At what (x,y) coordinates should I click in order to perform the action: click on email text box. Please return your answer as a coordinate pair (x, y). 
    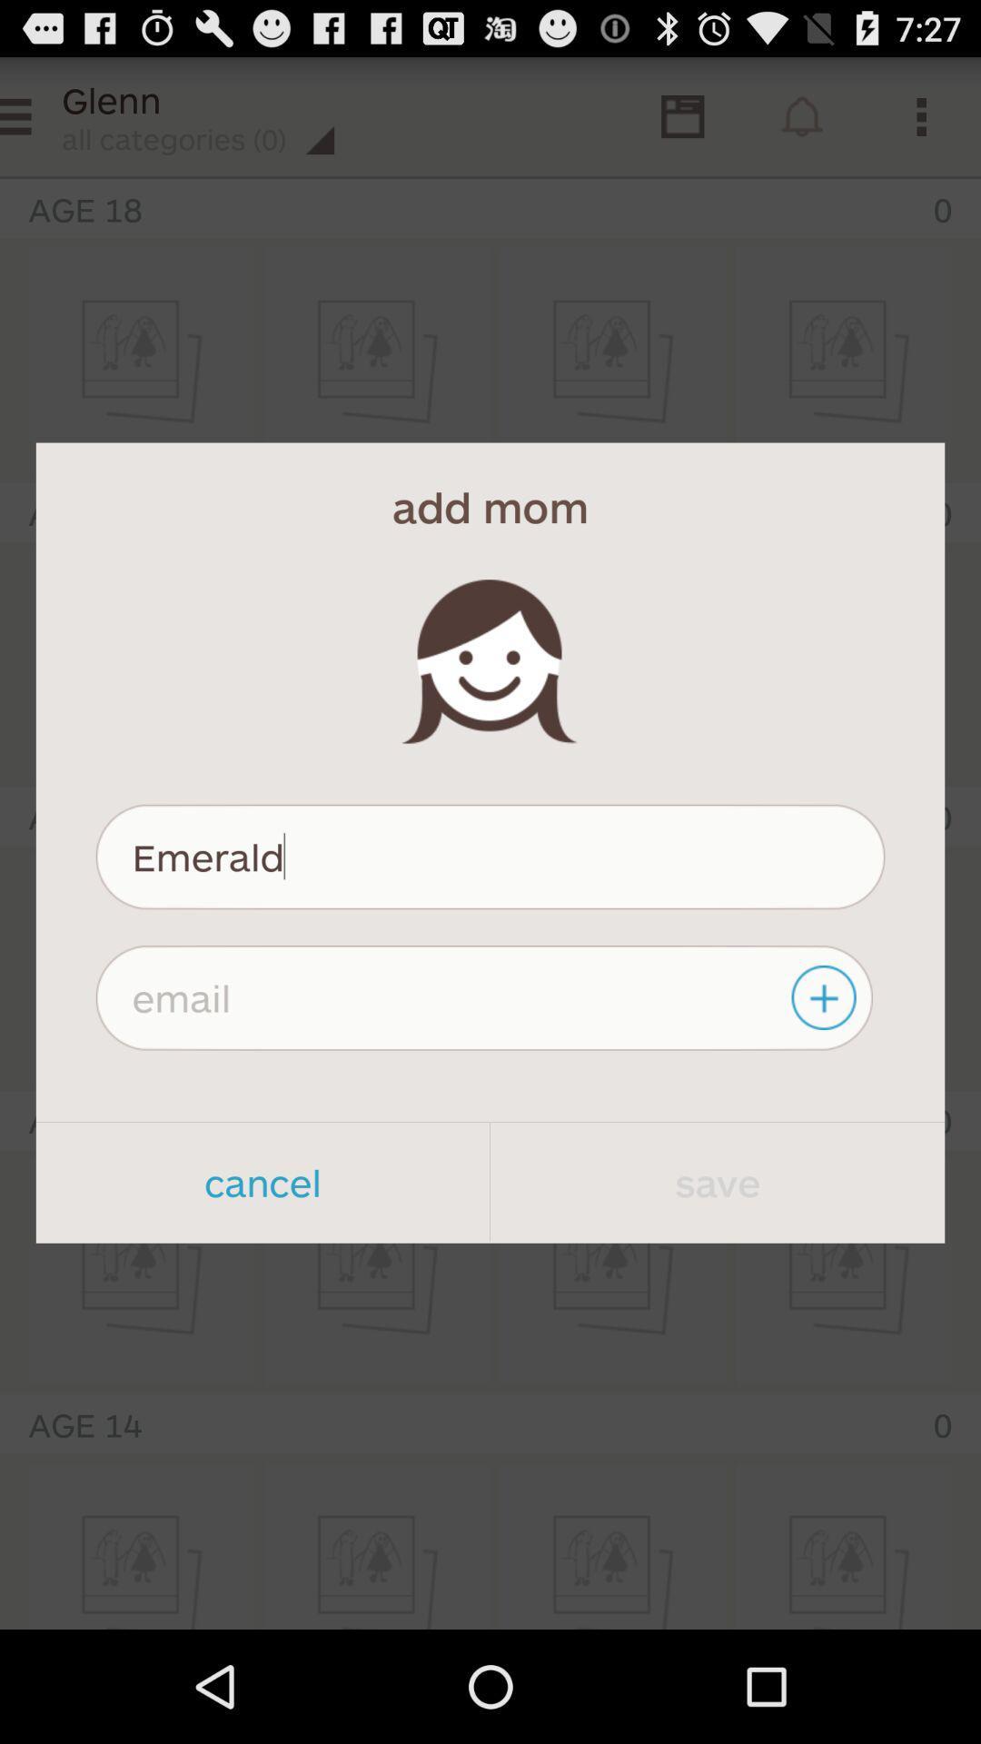
    Looking at the image, I should click on (483, 996).